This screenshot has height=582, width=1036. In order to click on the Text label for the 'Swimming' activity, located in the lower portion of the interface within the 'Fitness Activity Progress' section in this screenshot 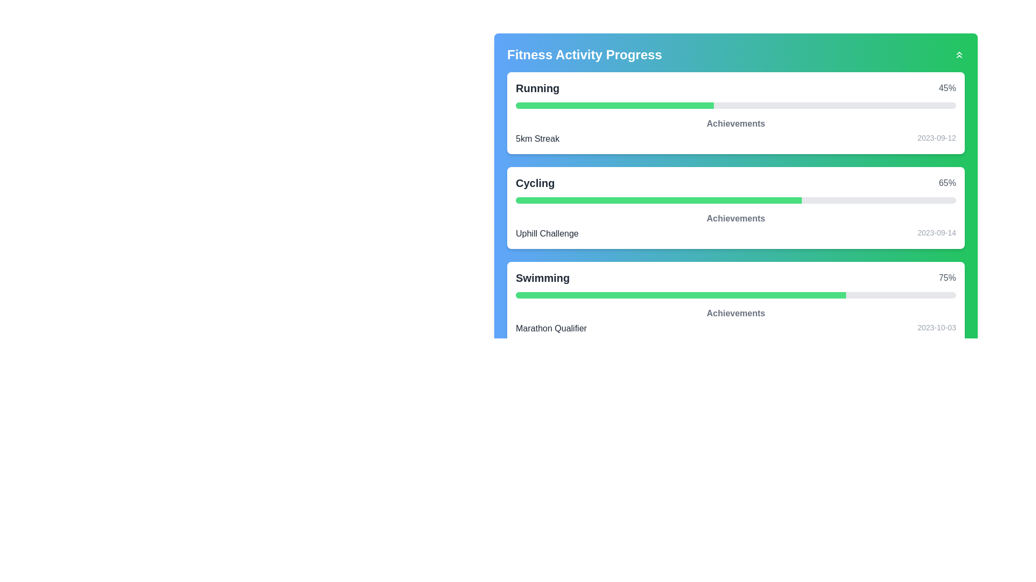, I will do `click(543, 278)`.